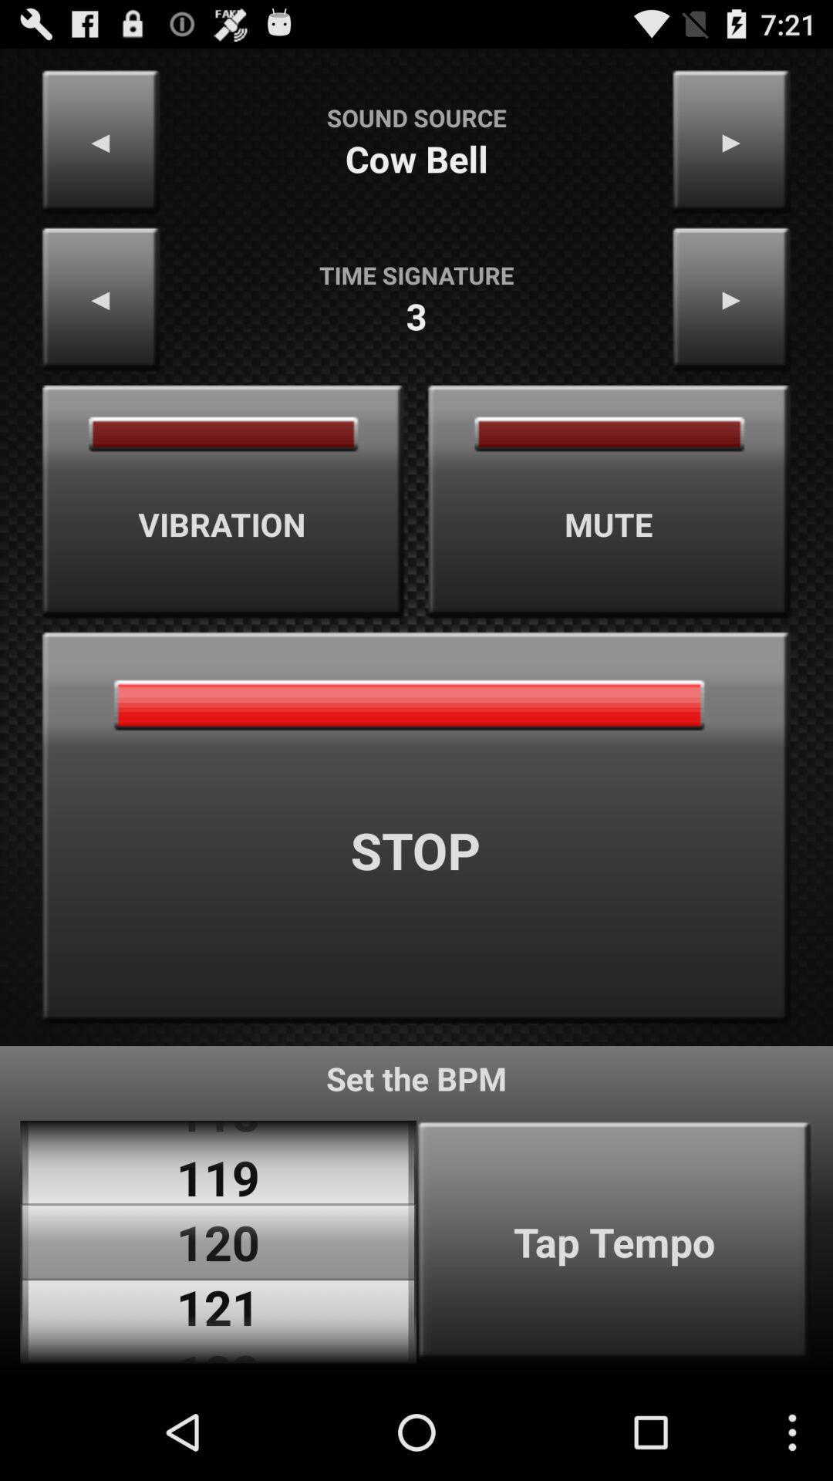 The width and height of the screenshot is (833, 1481). Describe the element at coordinates (416, 827) in the screenshot. I see `stop item` at that location.